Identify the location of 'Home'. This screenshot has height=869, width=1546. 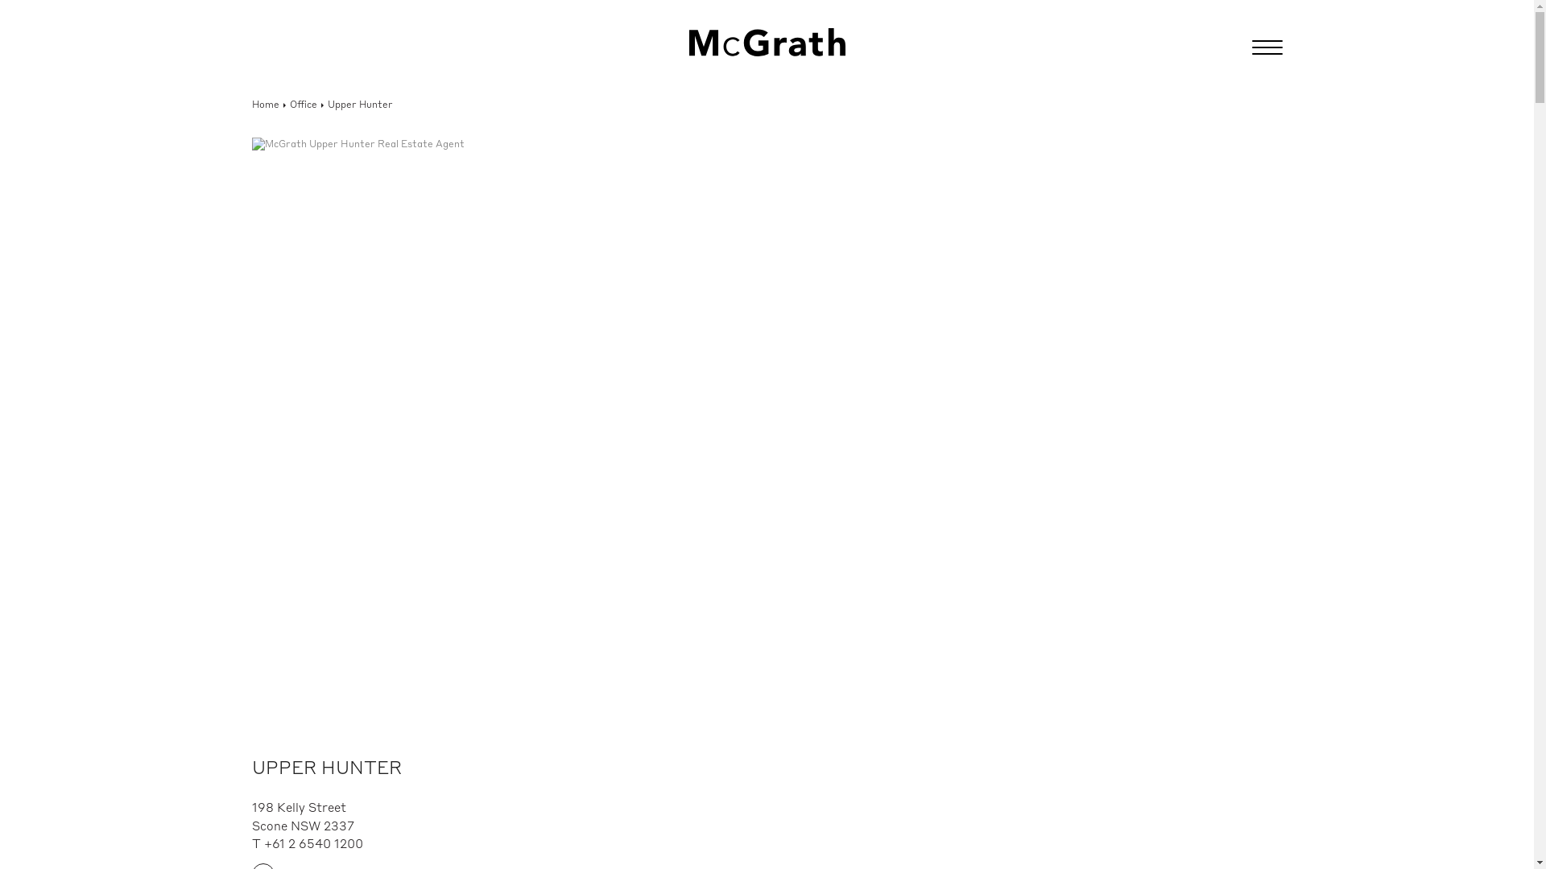
(265, 105).